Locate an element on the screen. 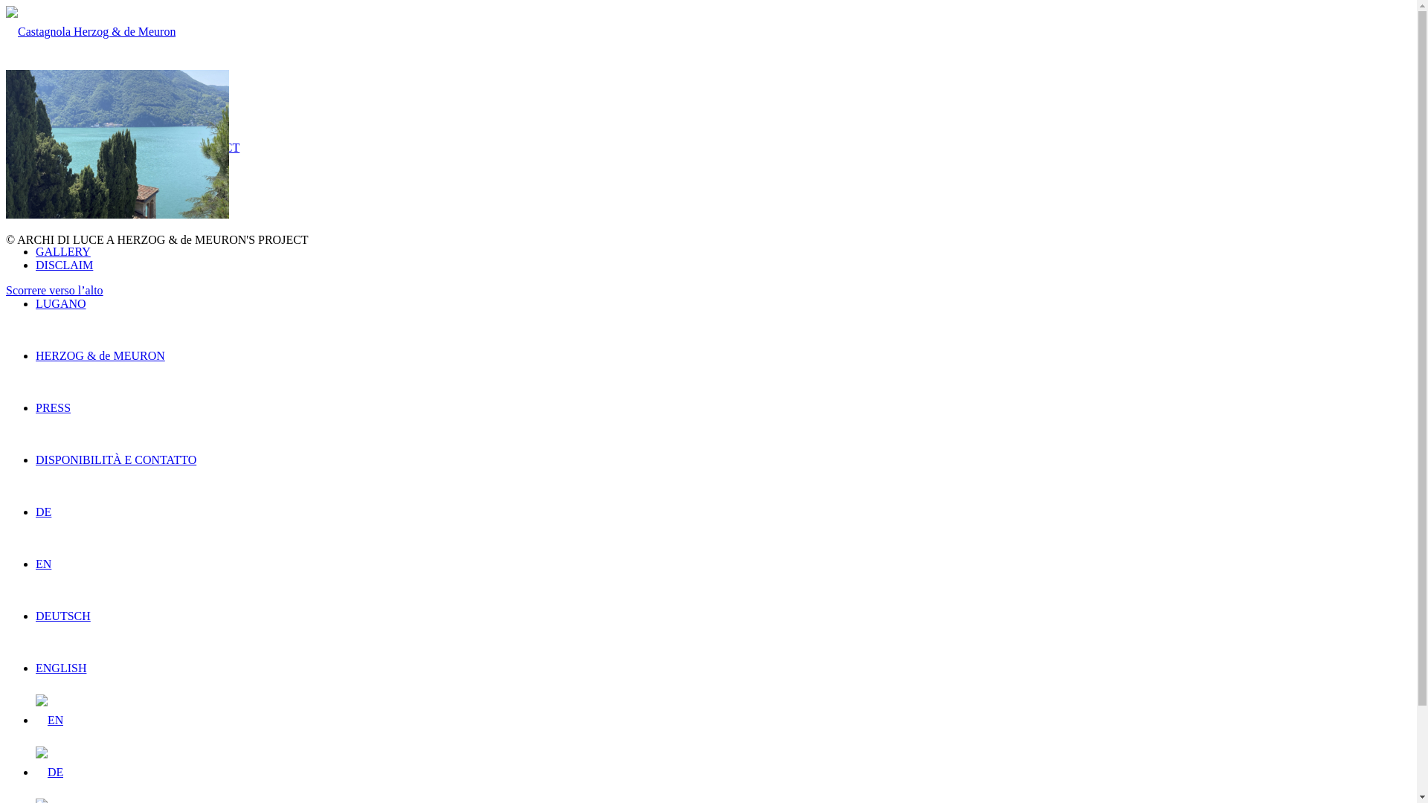 Image resolution: width=1428 pixels, height=803 pixels. 'DISCLAIM' is located at coordinates (63, 264).